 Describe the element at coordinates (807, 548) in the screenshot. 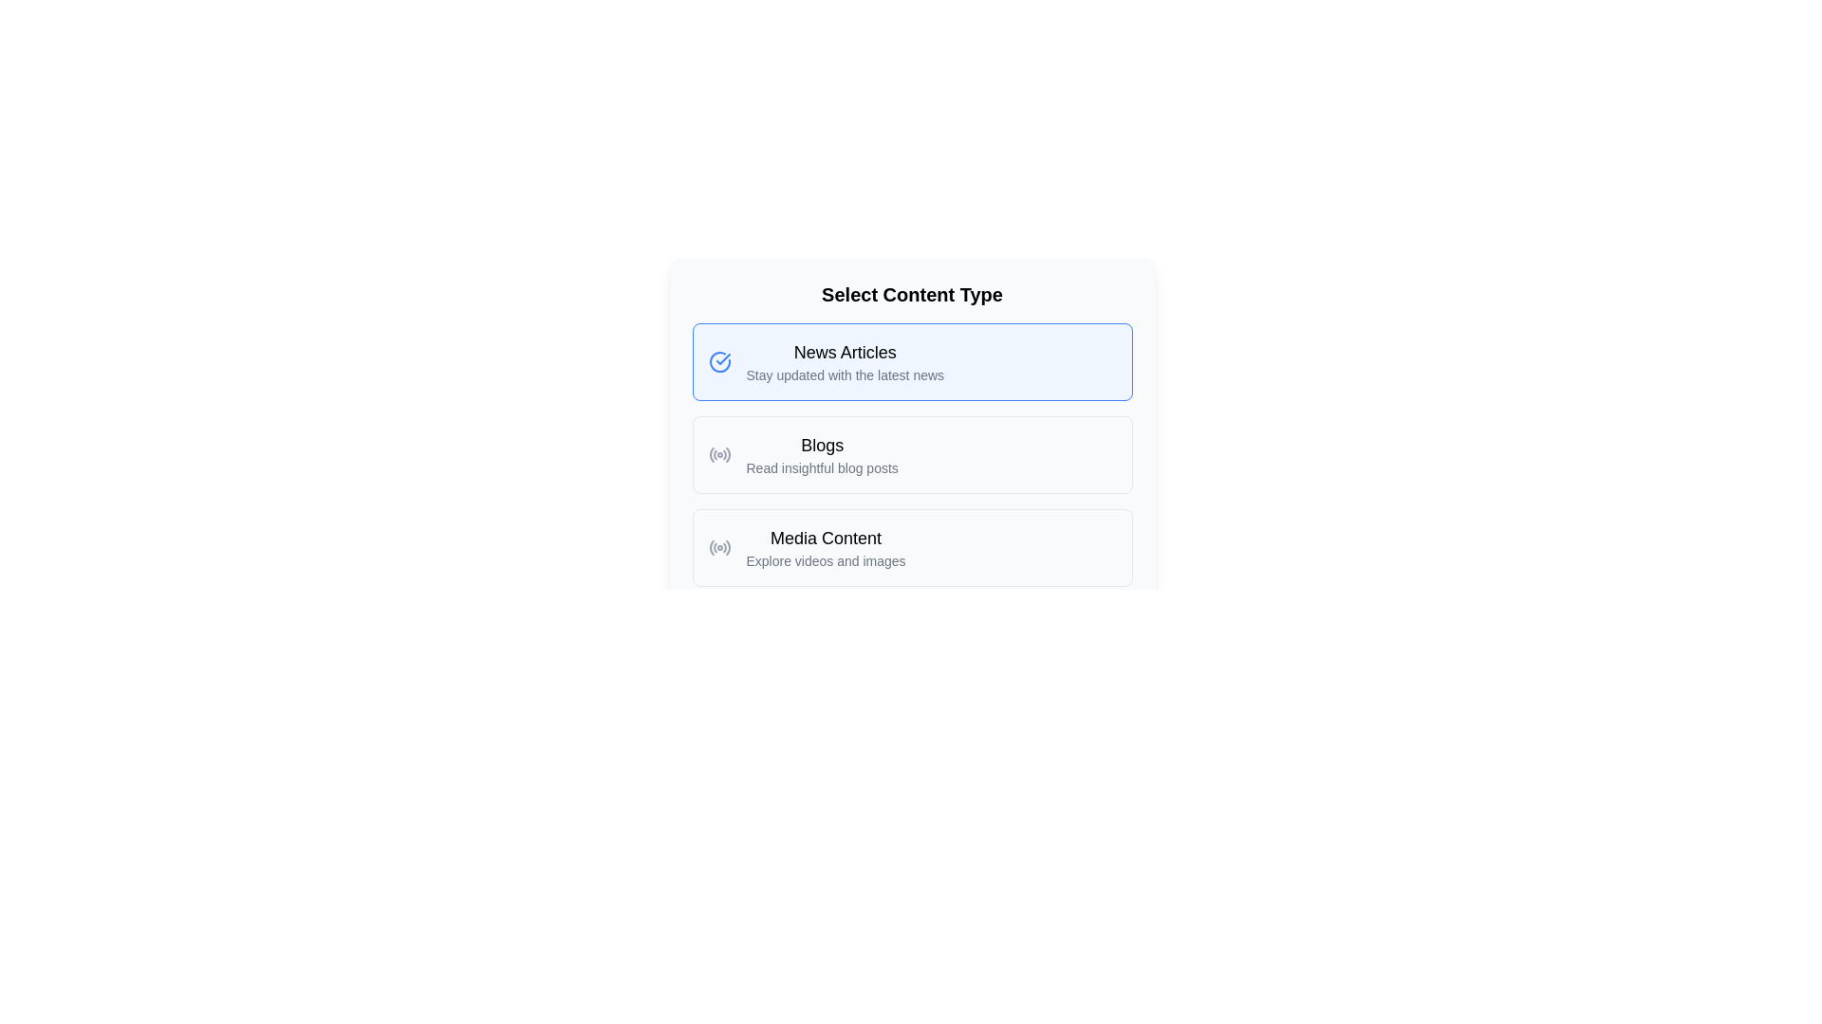

I see `the selectable list item titled 'Media Content' with a circular icon depicting radiating waves` at that location.